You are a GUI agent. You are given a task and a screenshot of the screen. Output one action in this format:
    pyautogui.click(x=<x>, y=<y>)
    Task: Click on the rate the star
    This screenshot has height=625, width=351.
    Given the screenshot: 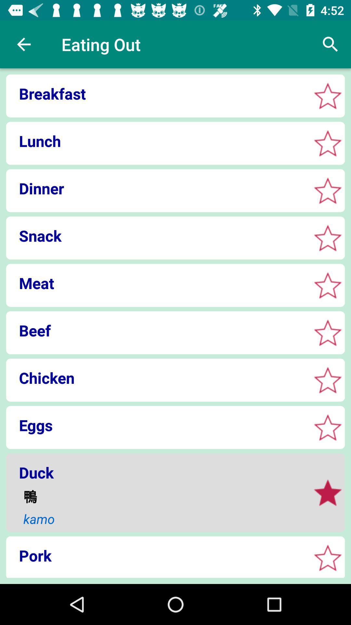 What is the action you would take?
    pyautogui.click(x=328, y=333)
    